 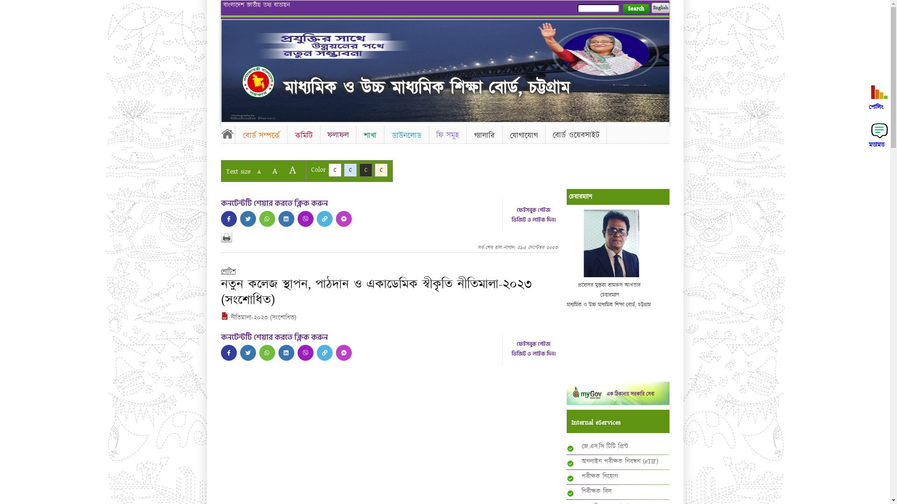 I want to click on 'C', so click(x=343, y=170).